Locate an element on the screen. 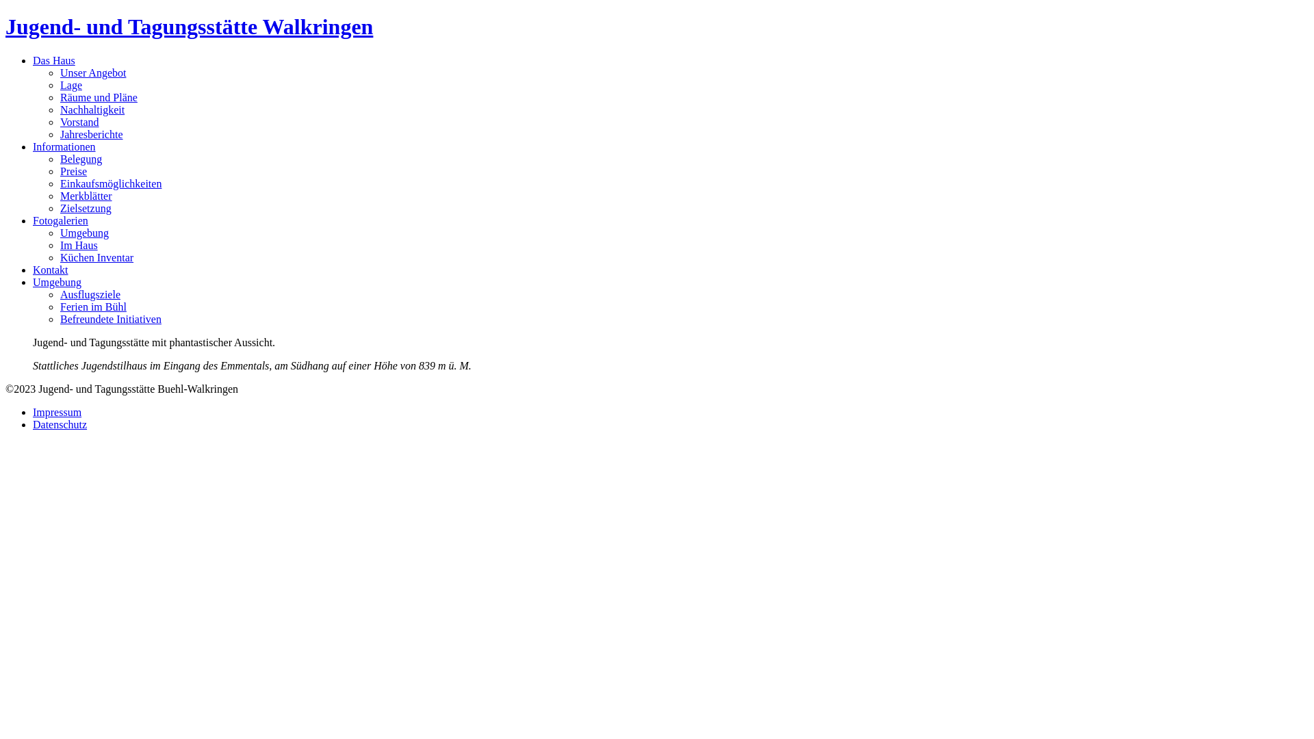 The width and height of the screenshot is (1314, 739). 'Zielsetzung' is located at coordinates (85, 208).